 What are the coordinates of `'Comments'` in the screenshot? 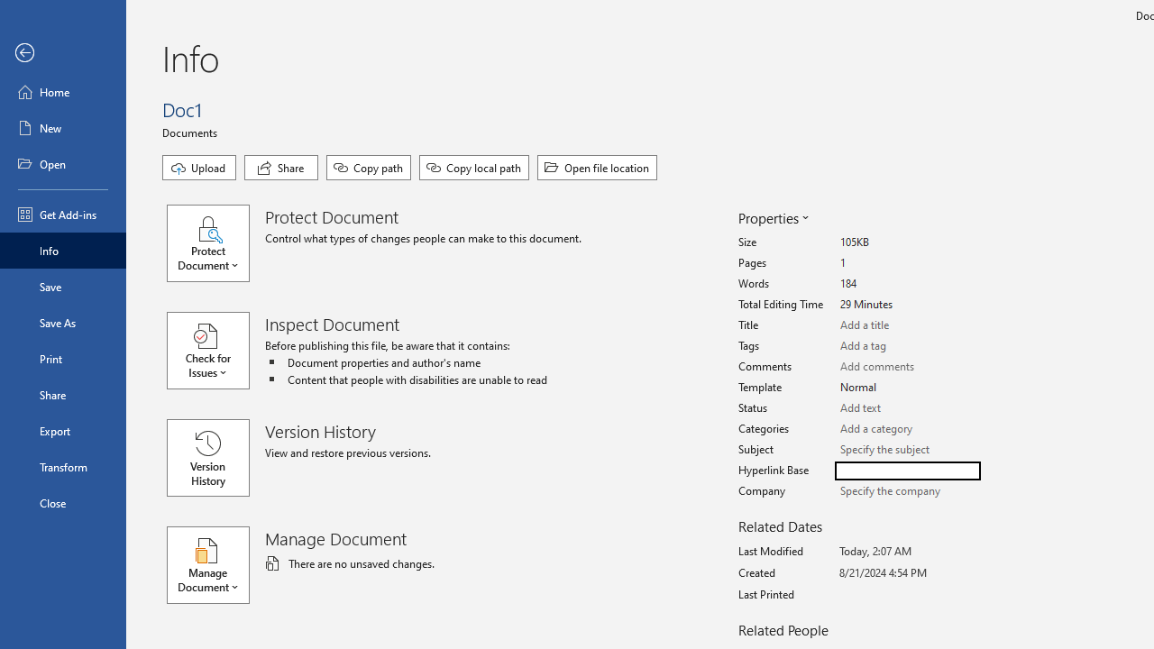 It's located at (907, 366).